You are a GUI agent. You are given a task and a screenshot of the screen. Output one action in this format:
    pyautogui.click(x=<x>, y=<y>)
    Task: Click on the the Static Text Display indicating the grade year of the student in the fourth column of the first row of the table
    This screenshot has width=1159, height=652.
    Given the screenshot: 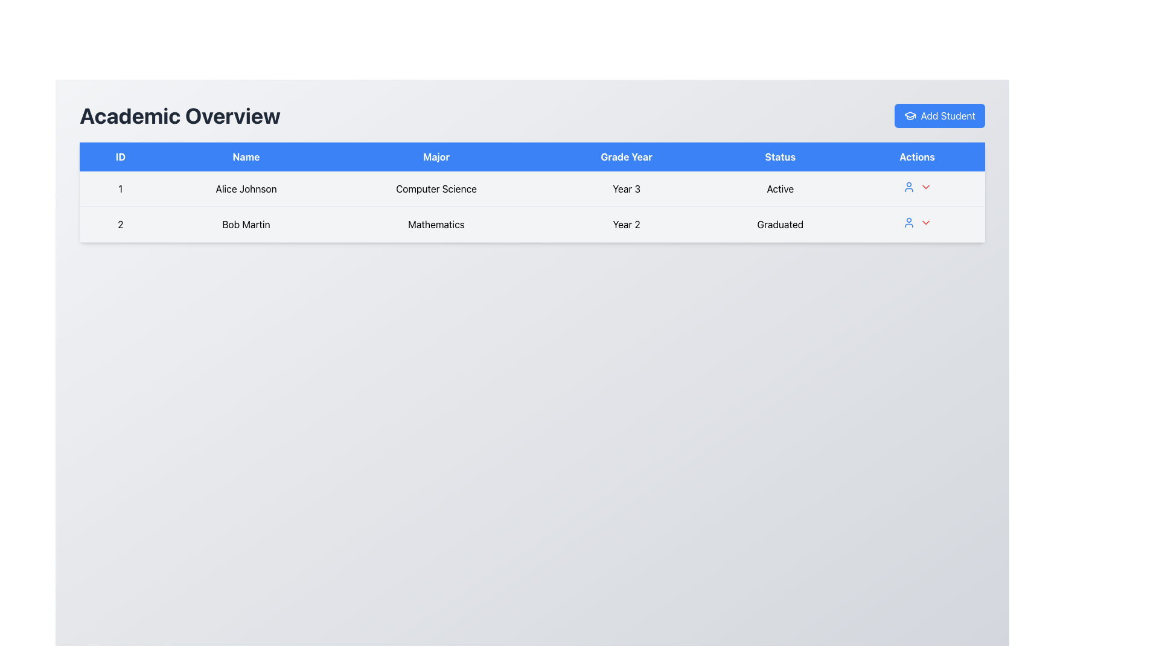 What is the action you would take?
    pyautogui.click(x=627, y=189)
    